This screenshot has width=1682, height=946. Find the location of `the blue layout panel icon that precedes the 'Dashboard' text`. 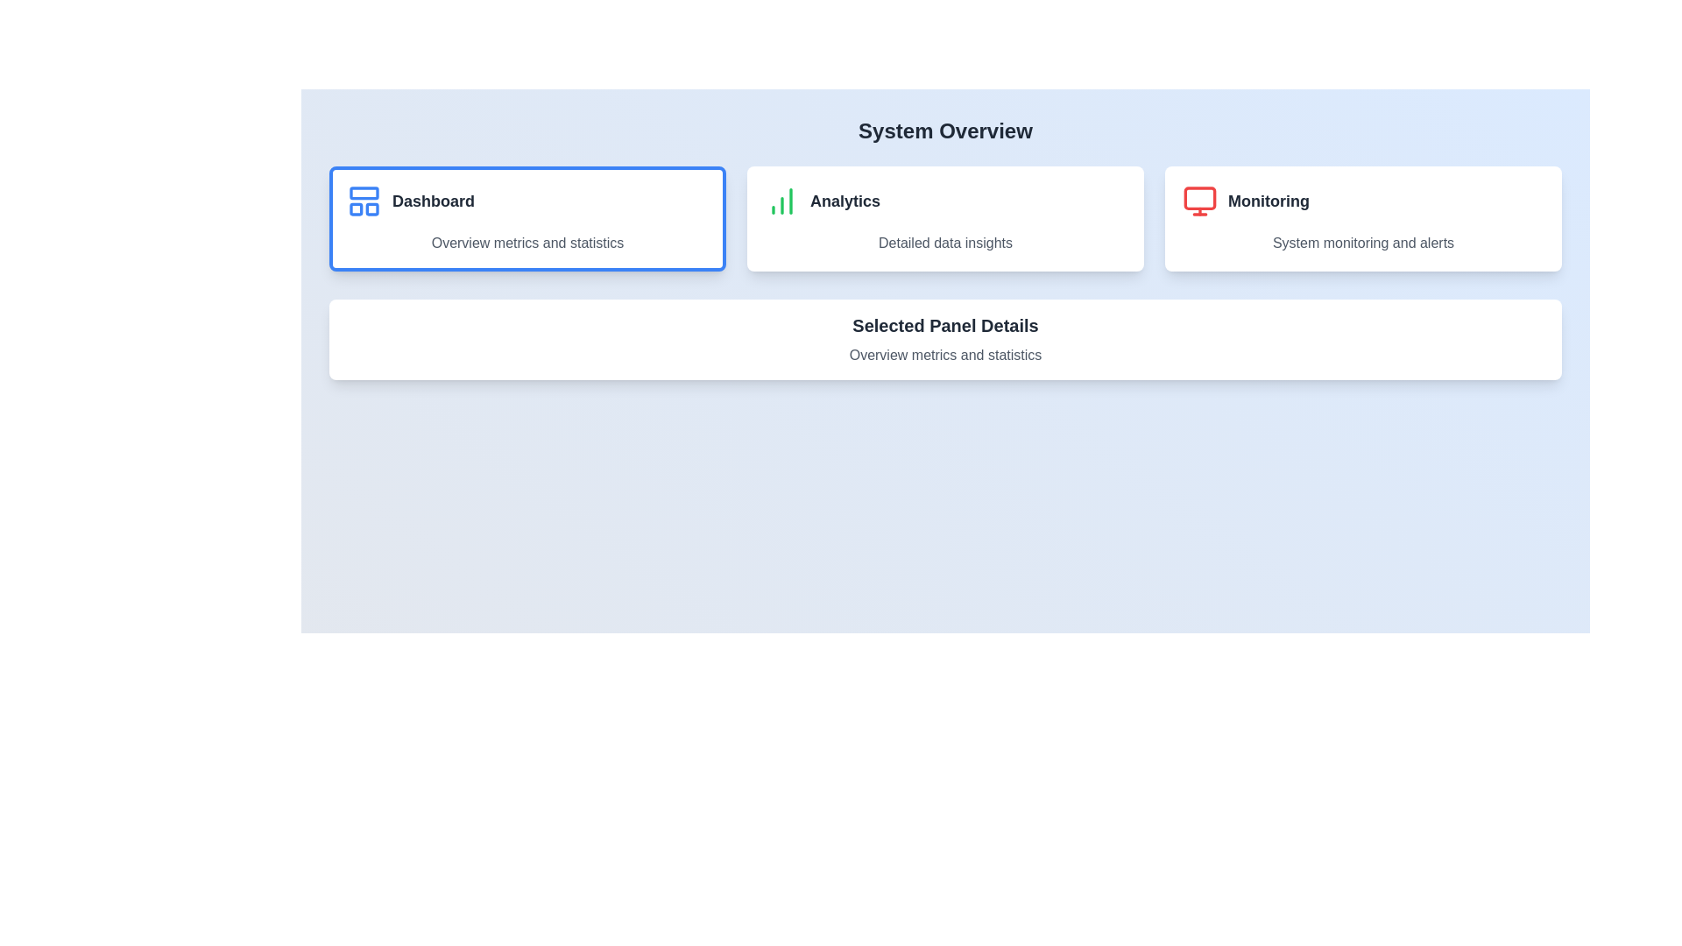

the blue layout panel icon that precedes the 'Dashboard' text is located at coordinates (364, 201).